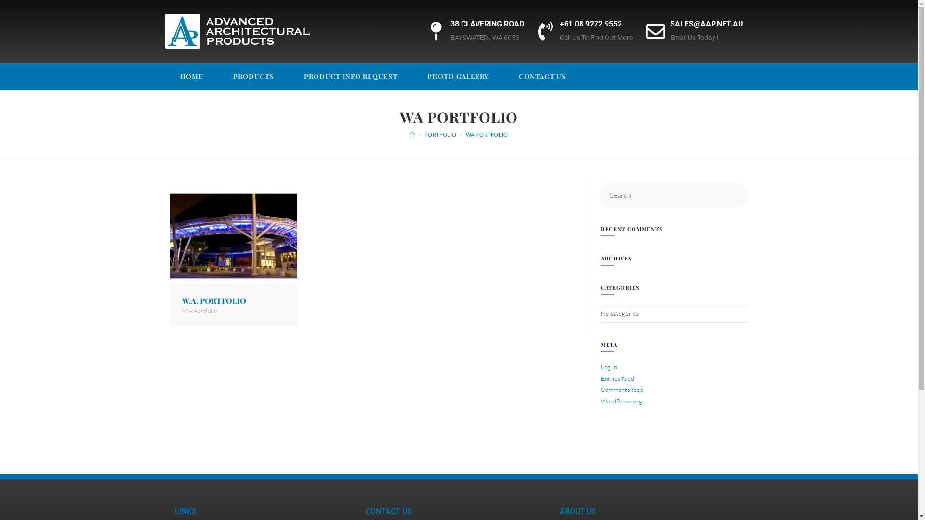  I want to click on 'WA Portfolio', so click(182, 310).